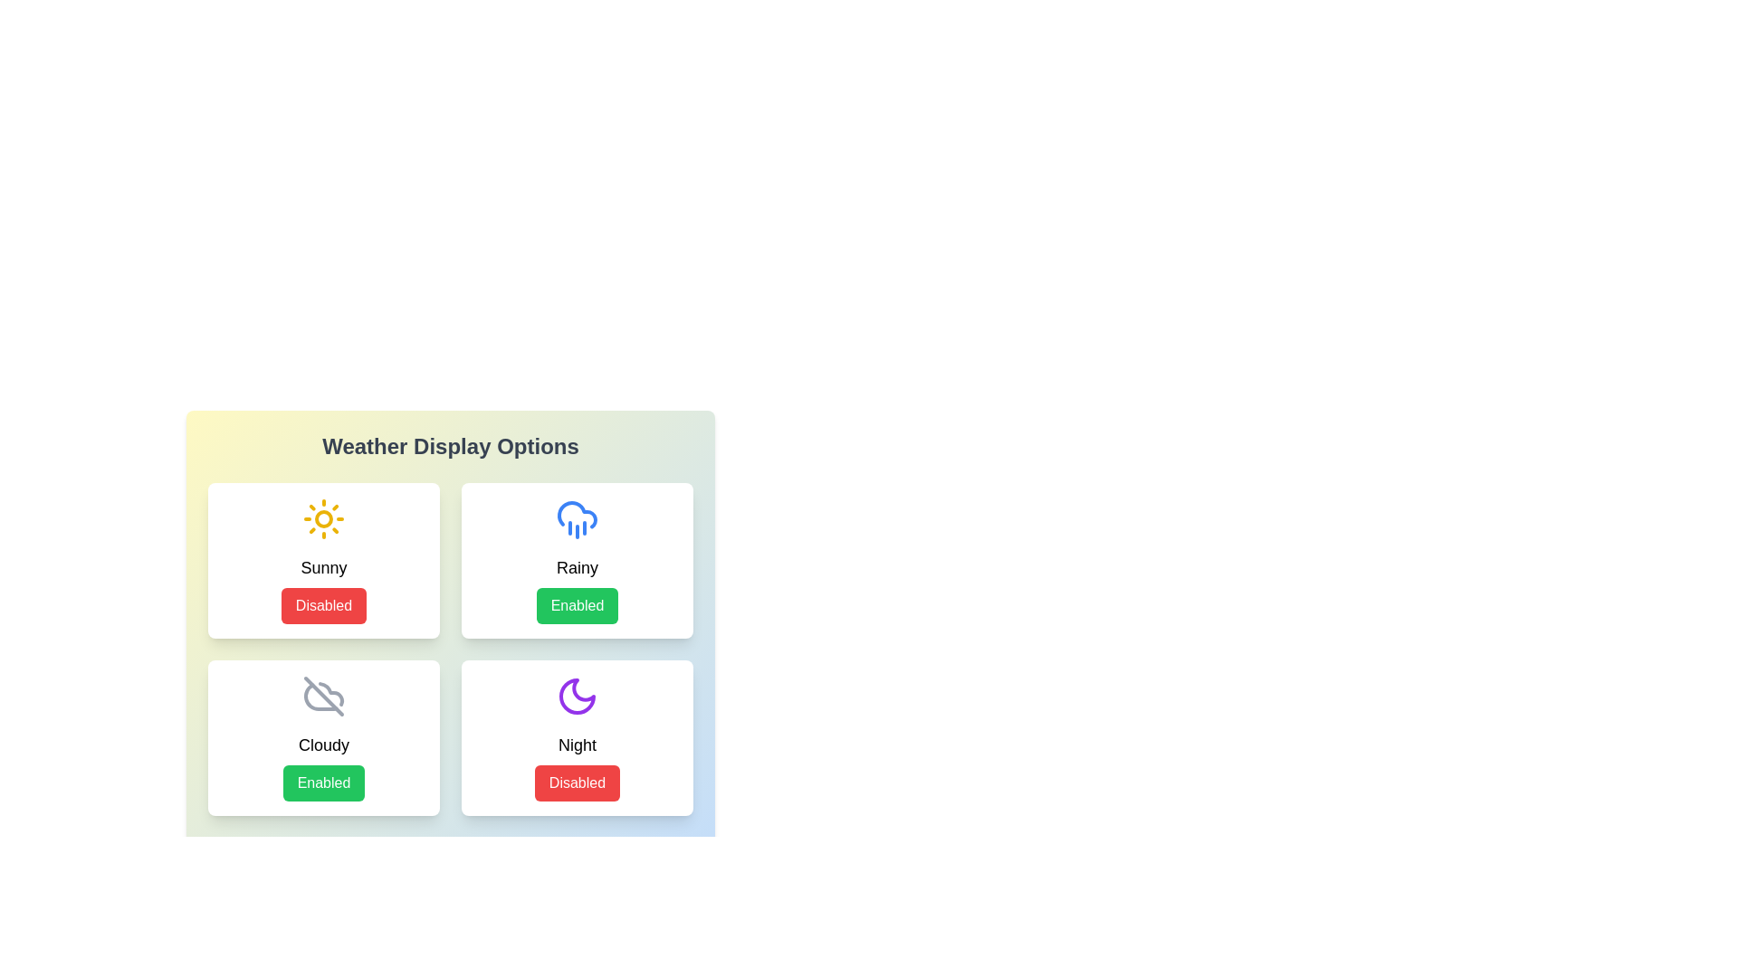  Describe the element at coordinates (577, 738) in the screenshot. I see `the weather option night` at that location.